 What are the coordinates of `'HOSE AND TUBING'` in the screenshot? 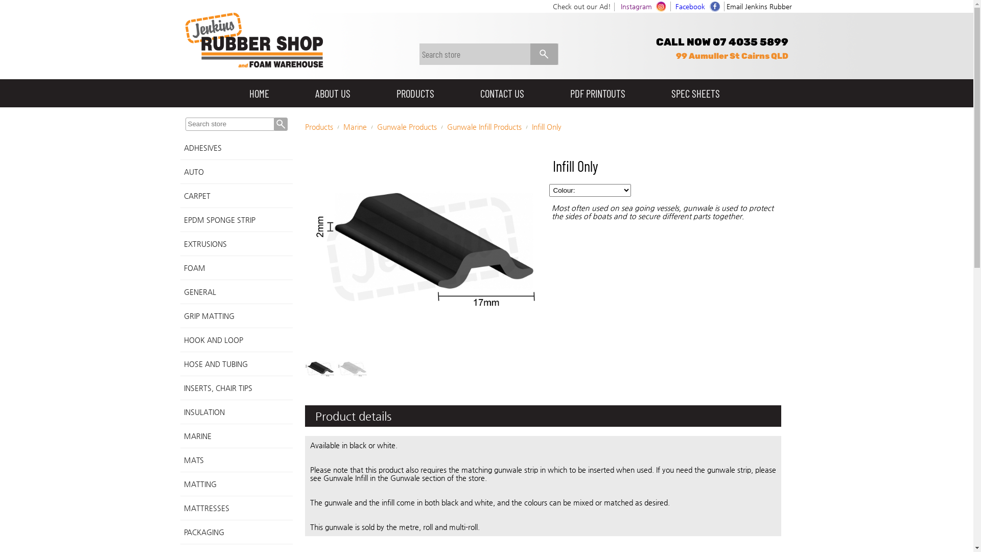 It's located at (235, 363).